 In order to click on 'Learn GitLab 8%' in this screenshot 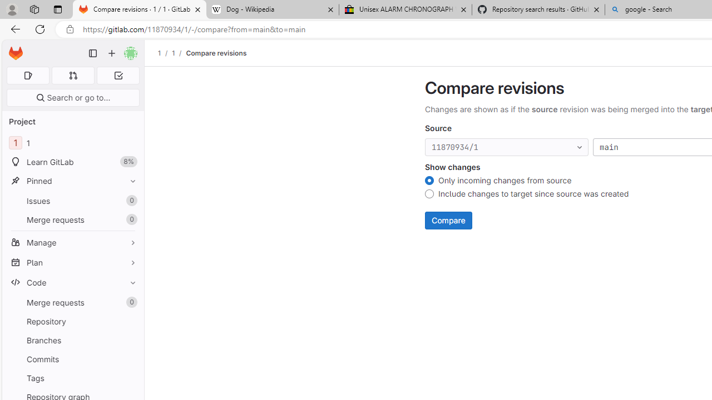, I will do `click(72, 162)`.